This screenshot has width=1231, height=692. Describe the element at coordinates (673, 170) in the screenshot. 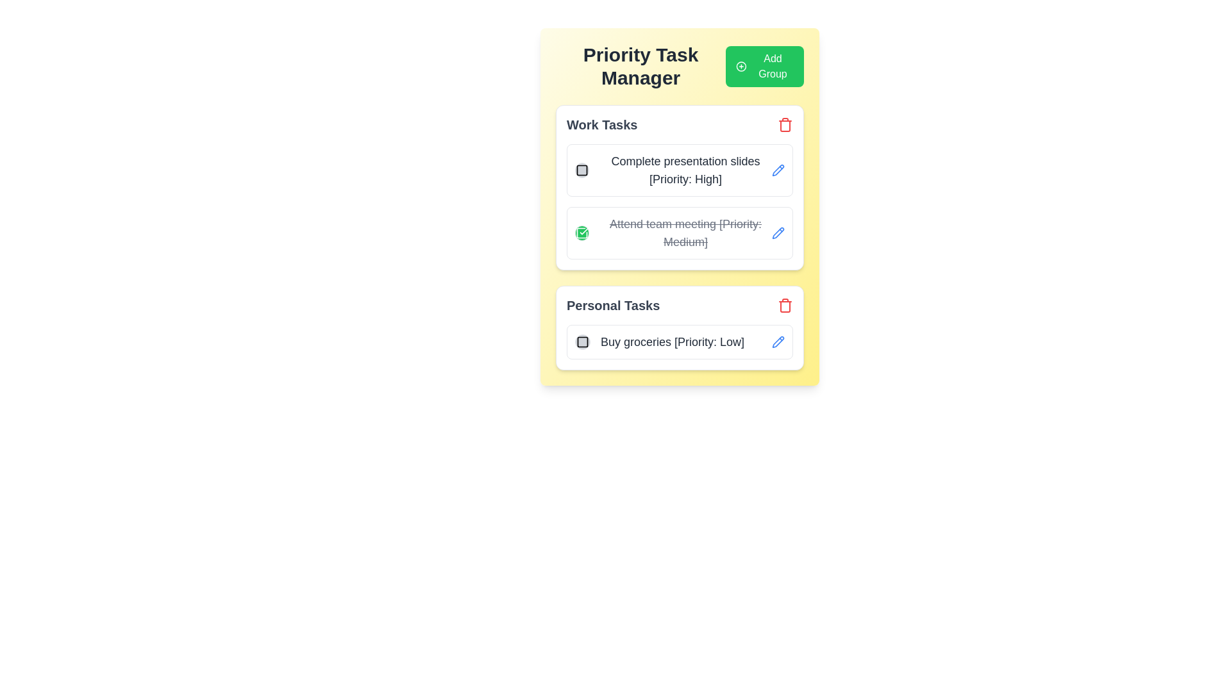

I see `the text label 'Complete presentation slides' with priority indicator '[Priority: High]' located in the 'Work Tasks' section underneath the 'Priority Task Manager' heading` at that location.